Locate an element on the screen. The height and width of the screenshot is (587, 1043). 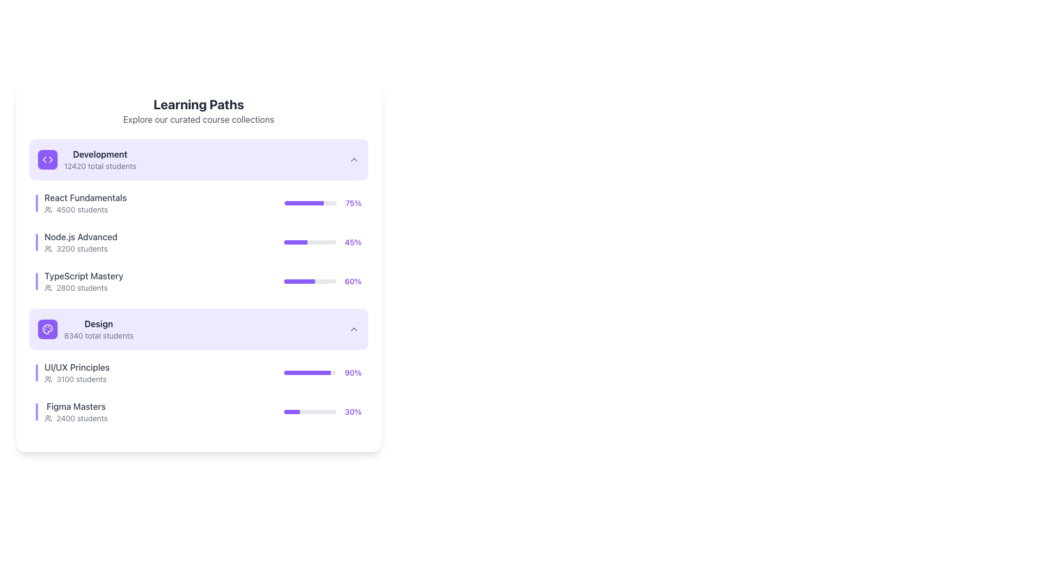
the icon indicating participant count for the 'TypeScript Mastery' section, located to the left of '2800 students' is located at coordinates (48, 287).